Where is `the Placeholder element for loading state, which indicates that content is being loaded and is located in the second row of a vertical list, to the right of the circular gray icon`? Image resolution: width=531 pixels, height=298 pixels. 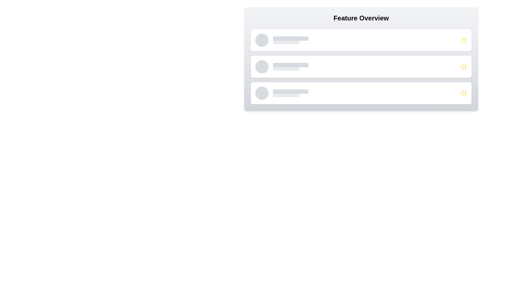 the Placeholder element for loading state, which indicates that content is being loaded and is located in the second row of a vertical list, to the right of the circular gray icon is located at coordinates (286, 69).